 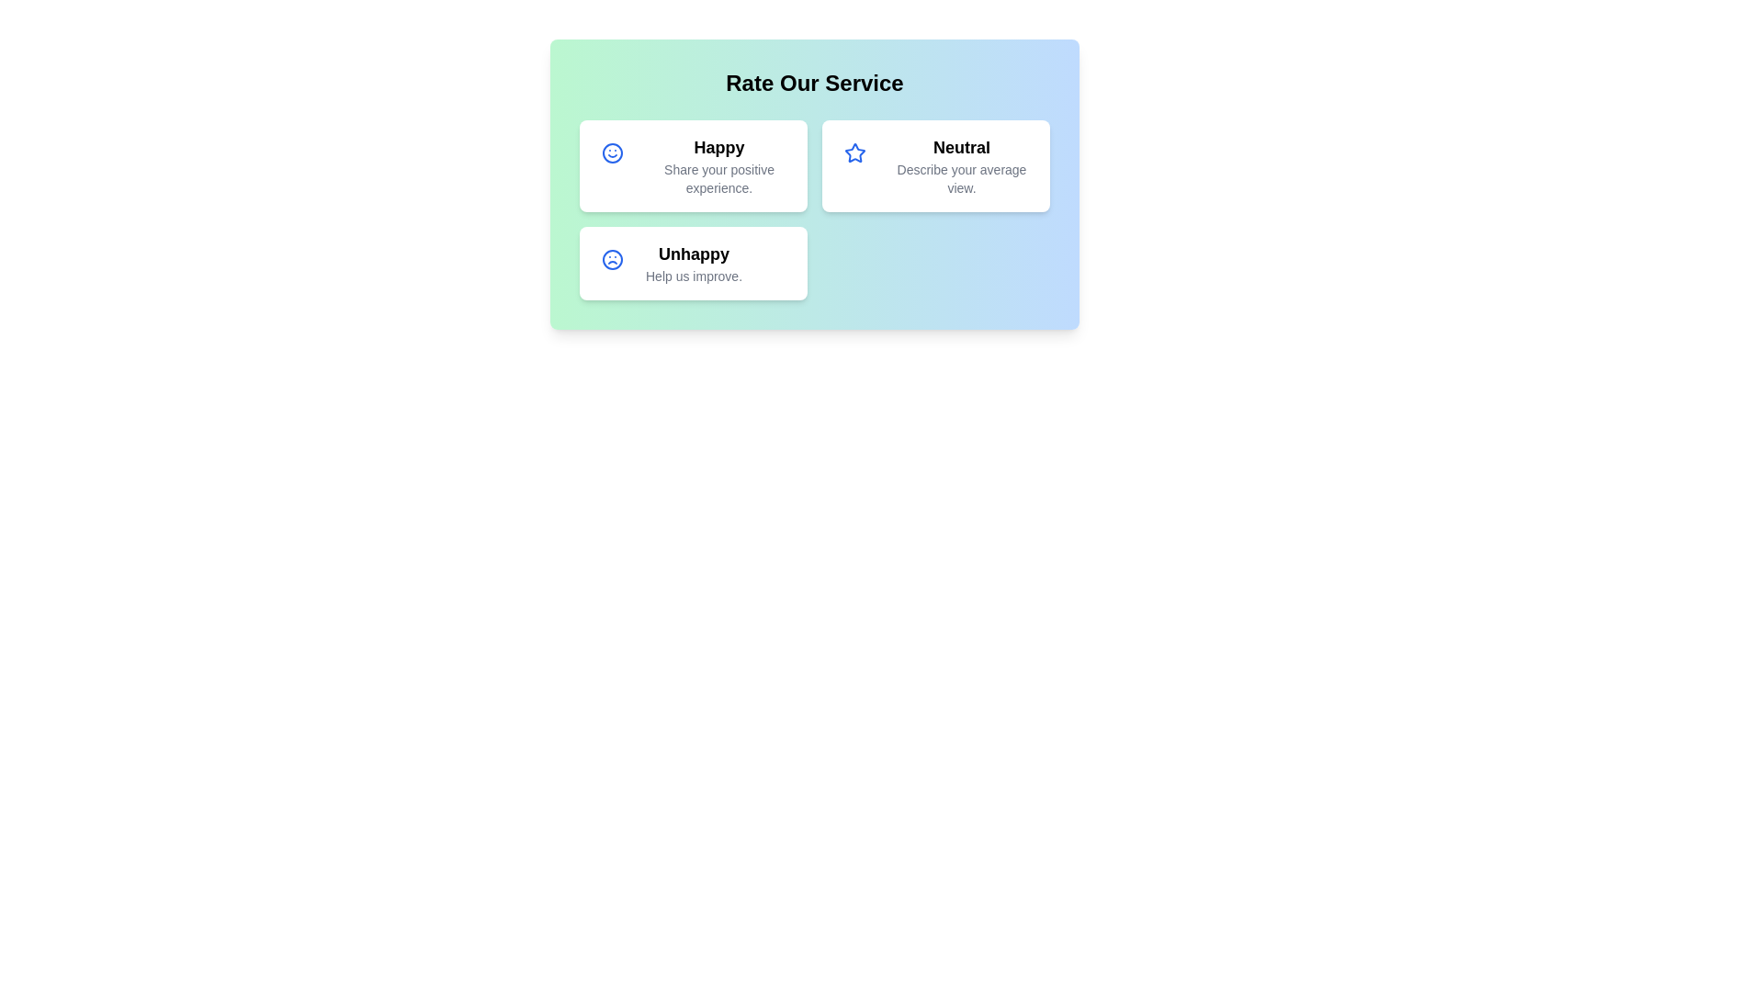 I want to click on the rating card for Unhappy, so click(x=692, y=263).